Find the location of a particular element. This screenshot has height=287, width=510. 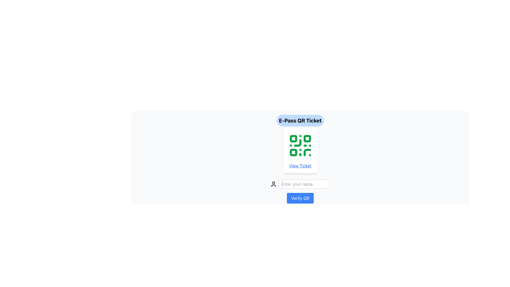

the green square located in the bottom-left area of the QR code SVG graphic is located at coordinates (293, 153).